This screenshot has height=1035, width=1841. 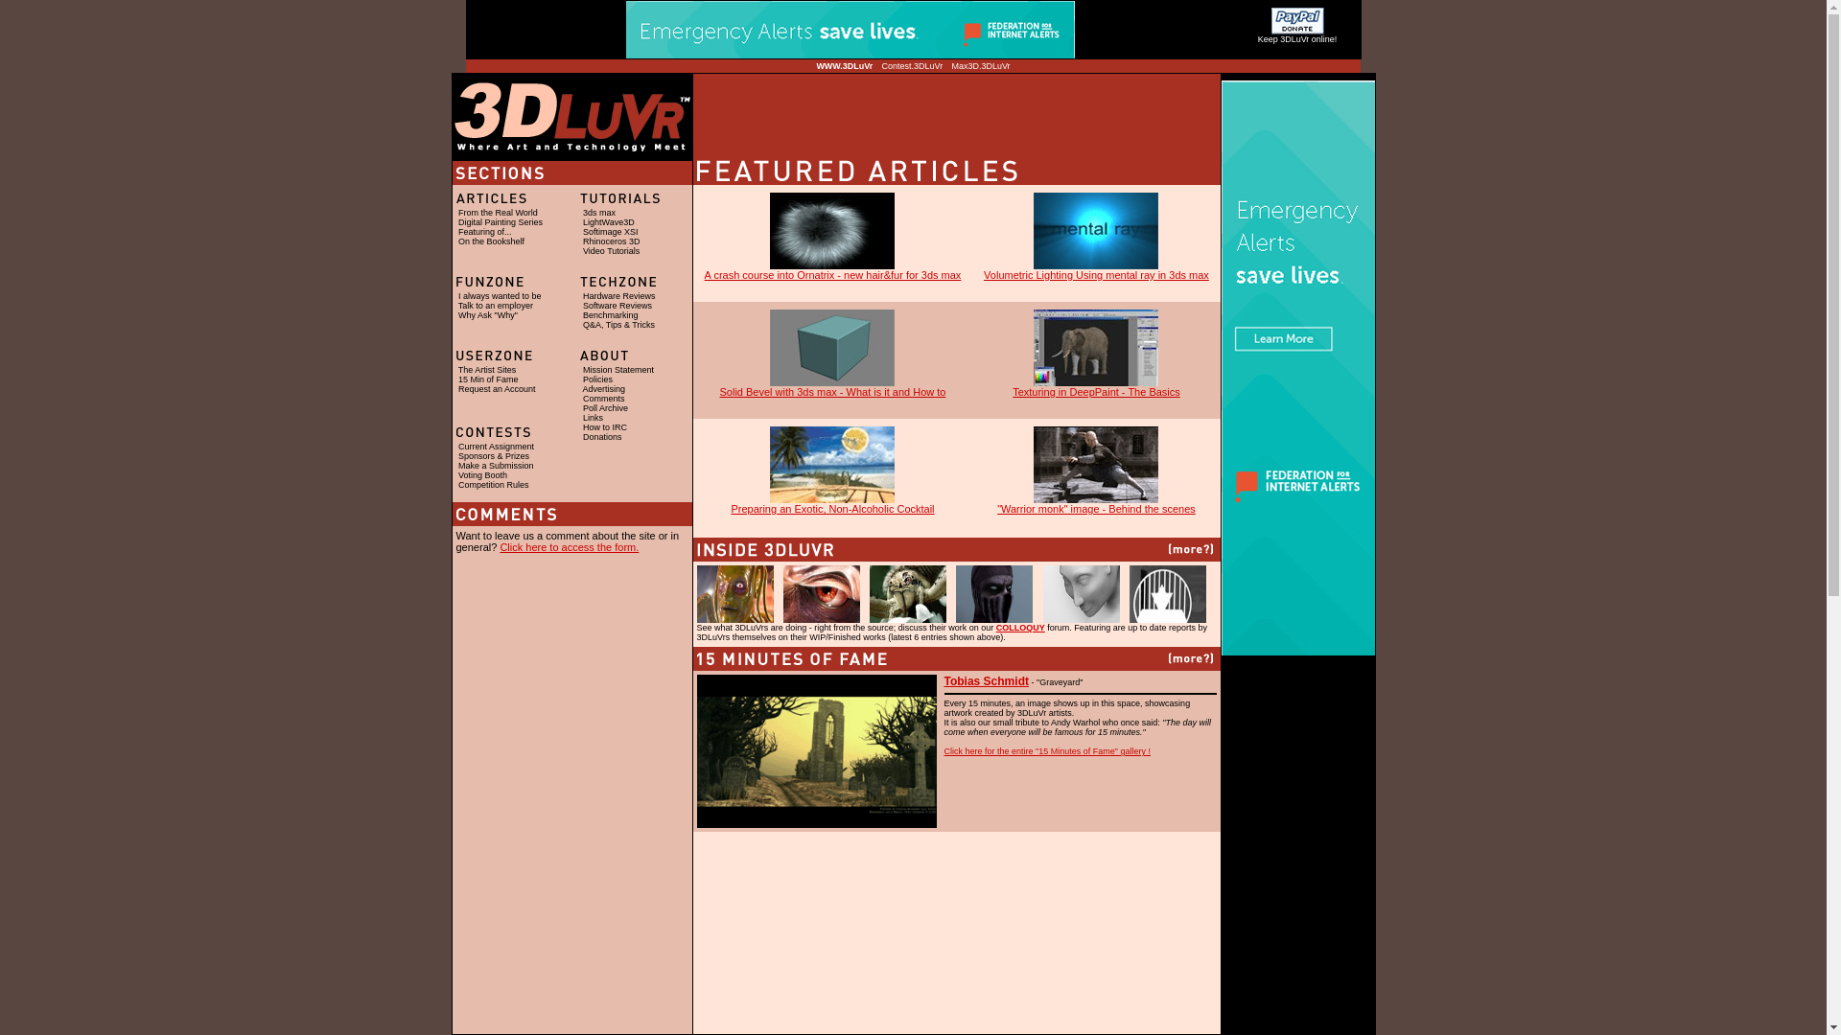 What do you see at coordinates (611, 240) in the screenshot?
I see `'Rhinoceros 3D'` at bounding box center [611, 240].